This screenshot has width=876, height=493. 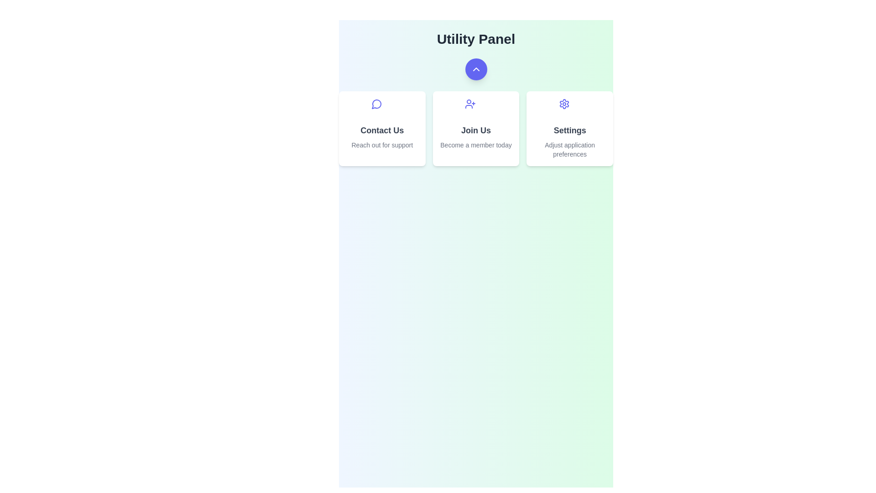 What do you see at coordinates (382, 128) in the screenshot?
I see `the 'Contact Us' card to open the relevant interaction` at bounding box center [382, 128].